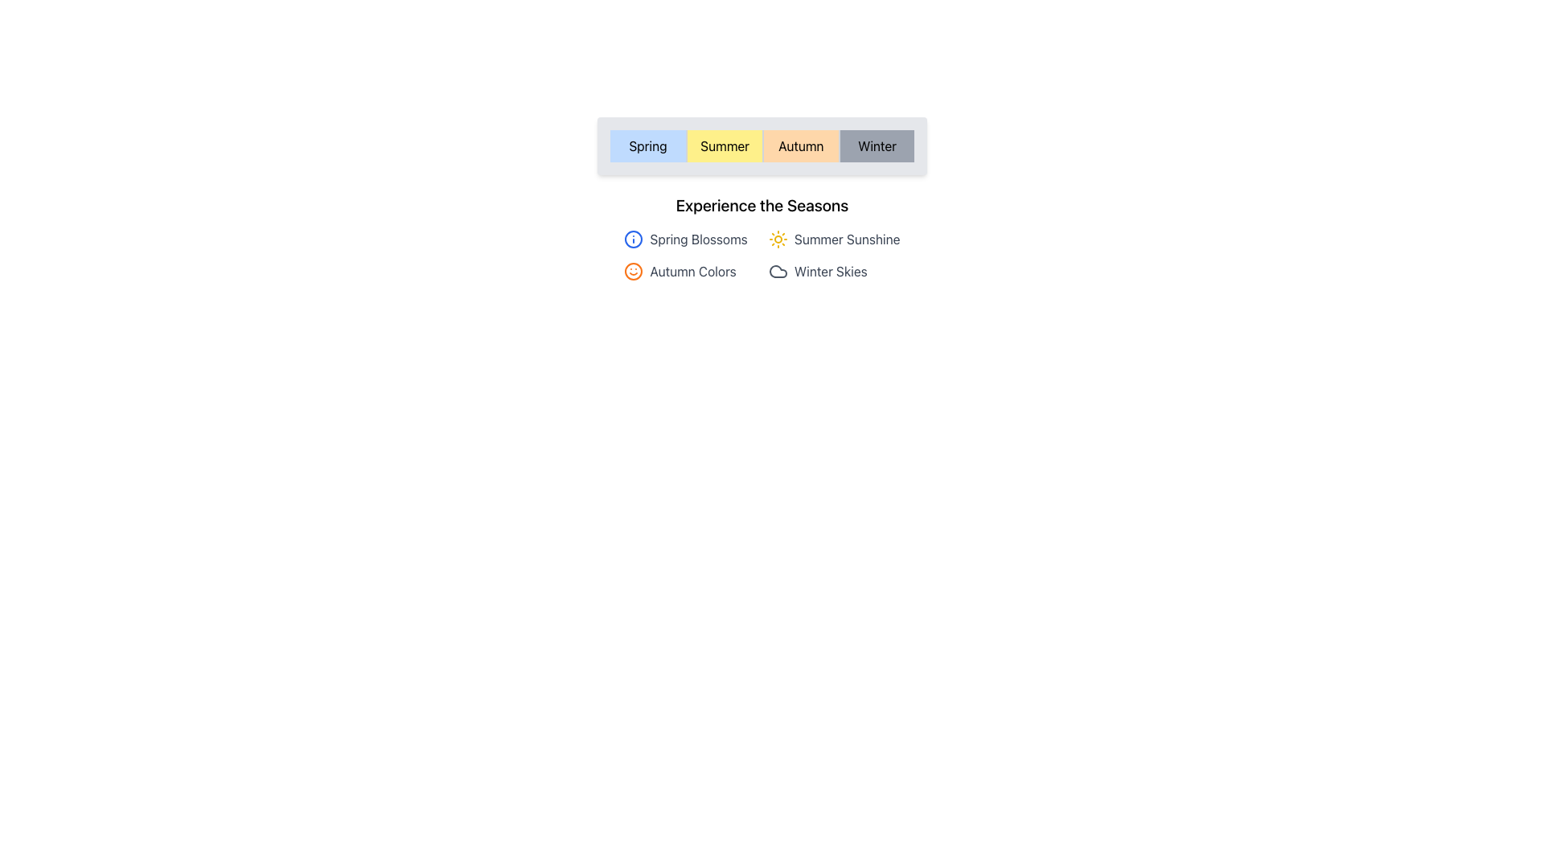 The width and height of the screenshot is (1544, 868). What do you see at coordinates (778, 239) in the screenshot?
I see `the sun icon styled as a vector graphic, which is bright yellow with an orange-yellow gradient, located in the 'Experience the Seasons' section under 'Summer Sunshine'` at bounding box center [778, 239].